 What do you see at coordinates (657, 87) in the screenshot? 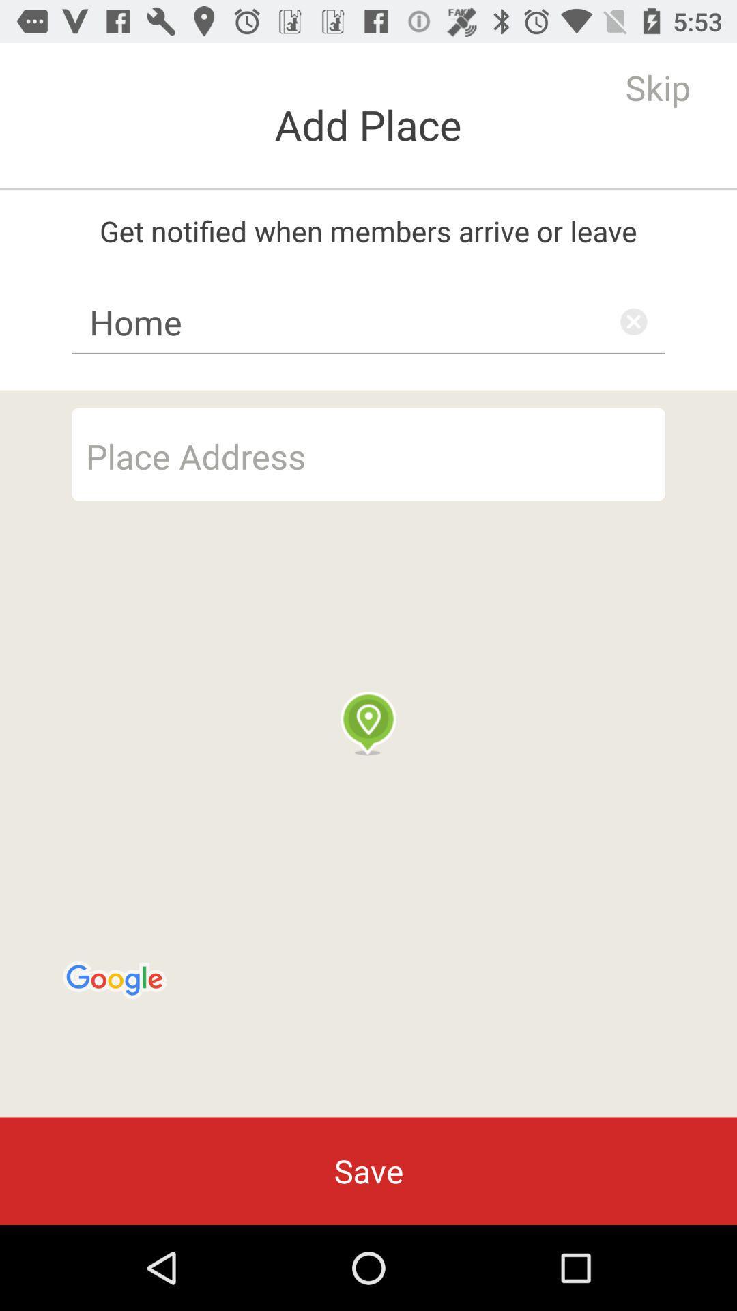
I see `the skip item` at bounding box center [657, 87].